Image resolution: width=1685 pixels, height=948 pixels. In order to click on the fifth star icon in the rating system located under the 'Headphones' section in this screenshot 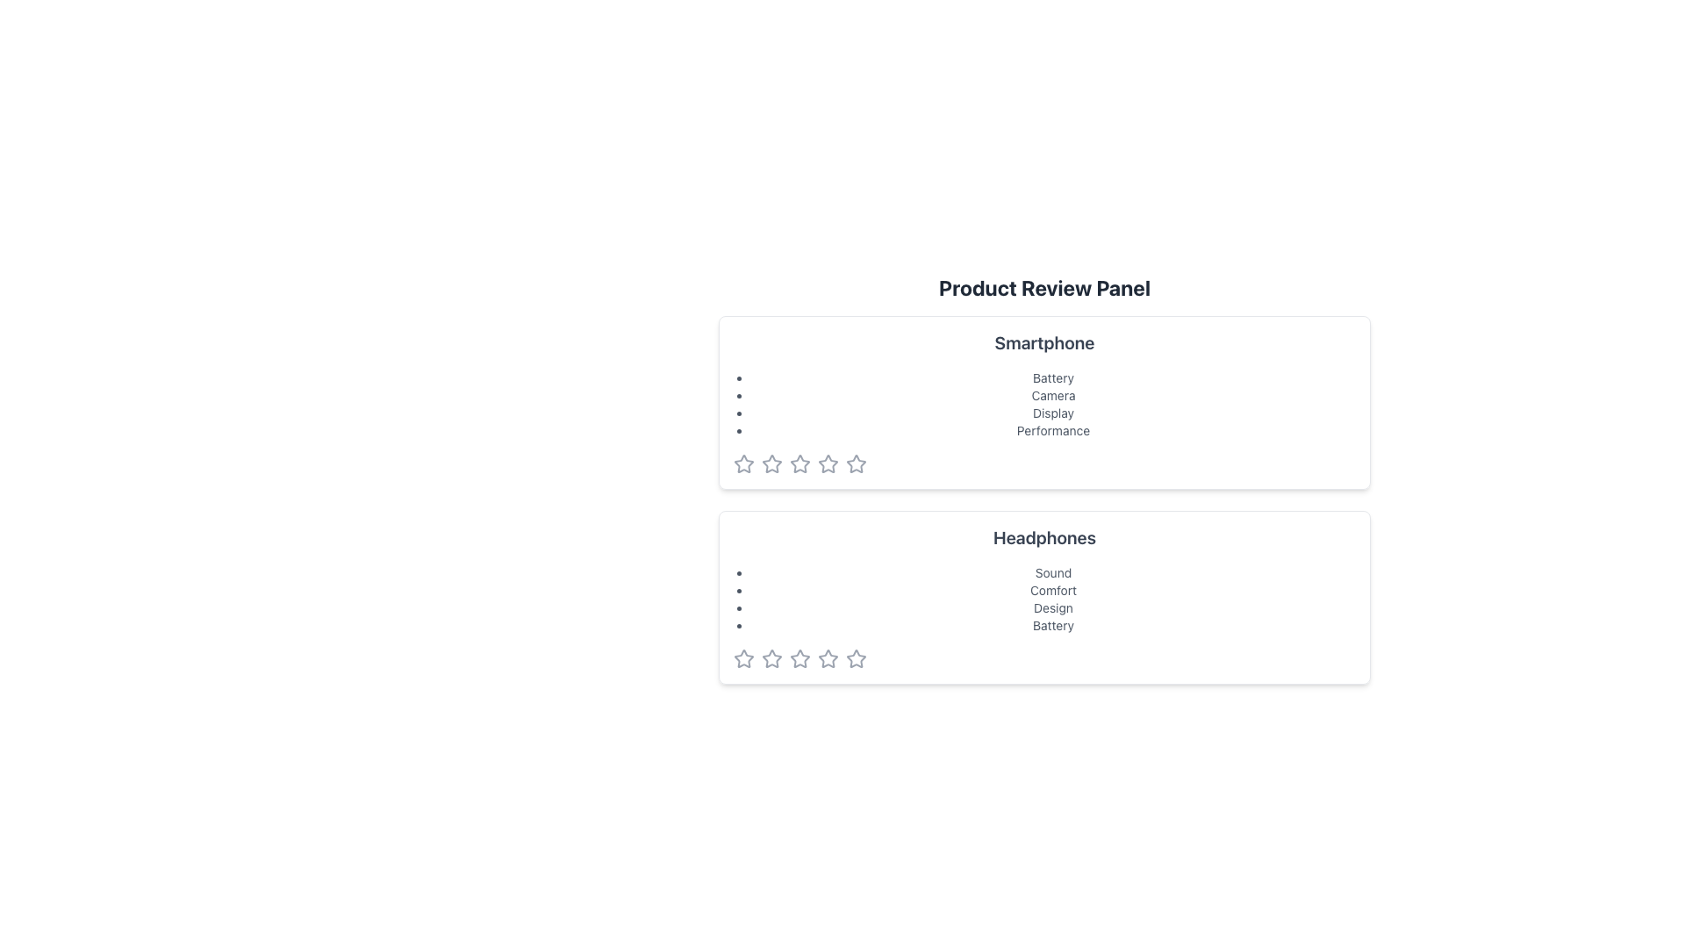, I will do `click(856, 659)`.